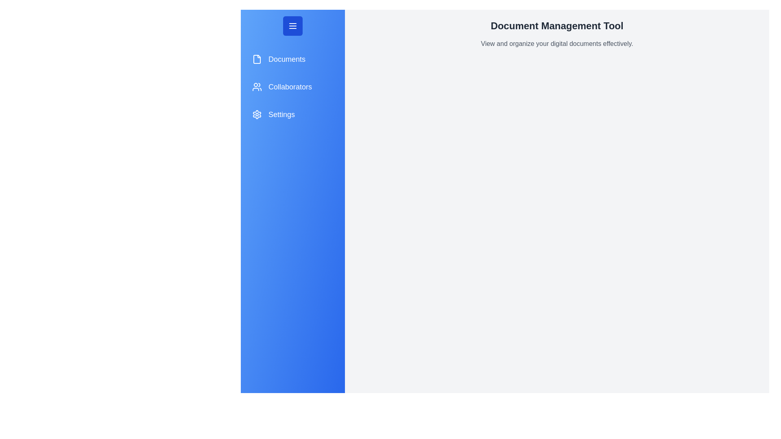 Image resolution: width=781 pixels, height=439 pixels. Describe the element at coordinates (293, 59) in the screenshot. I see `the 'Documents' navigation item to access the Documents section` at that location.